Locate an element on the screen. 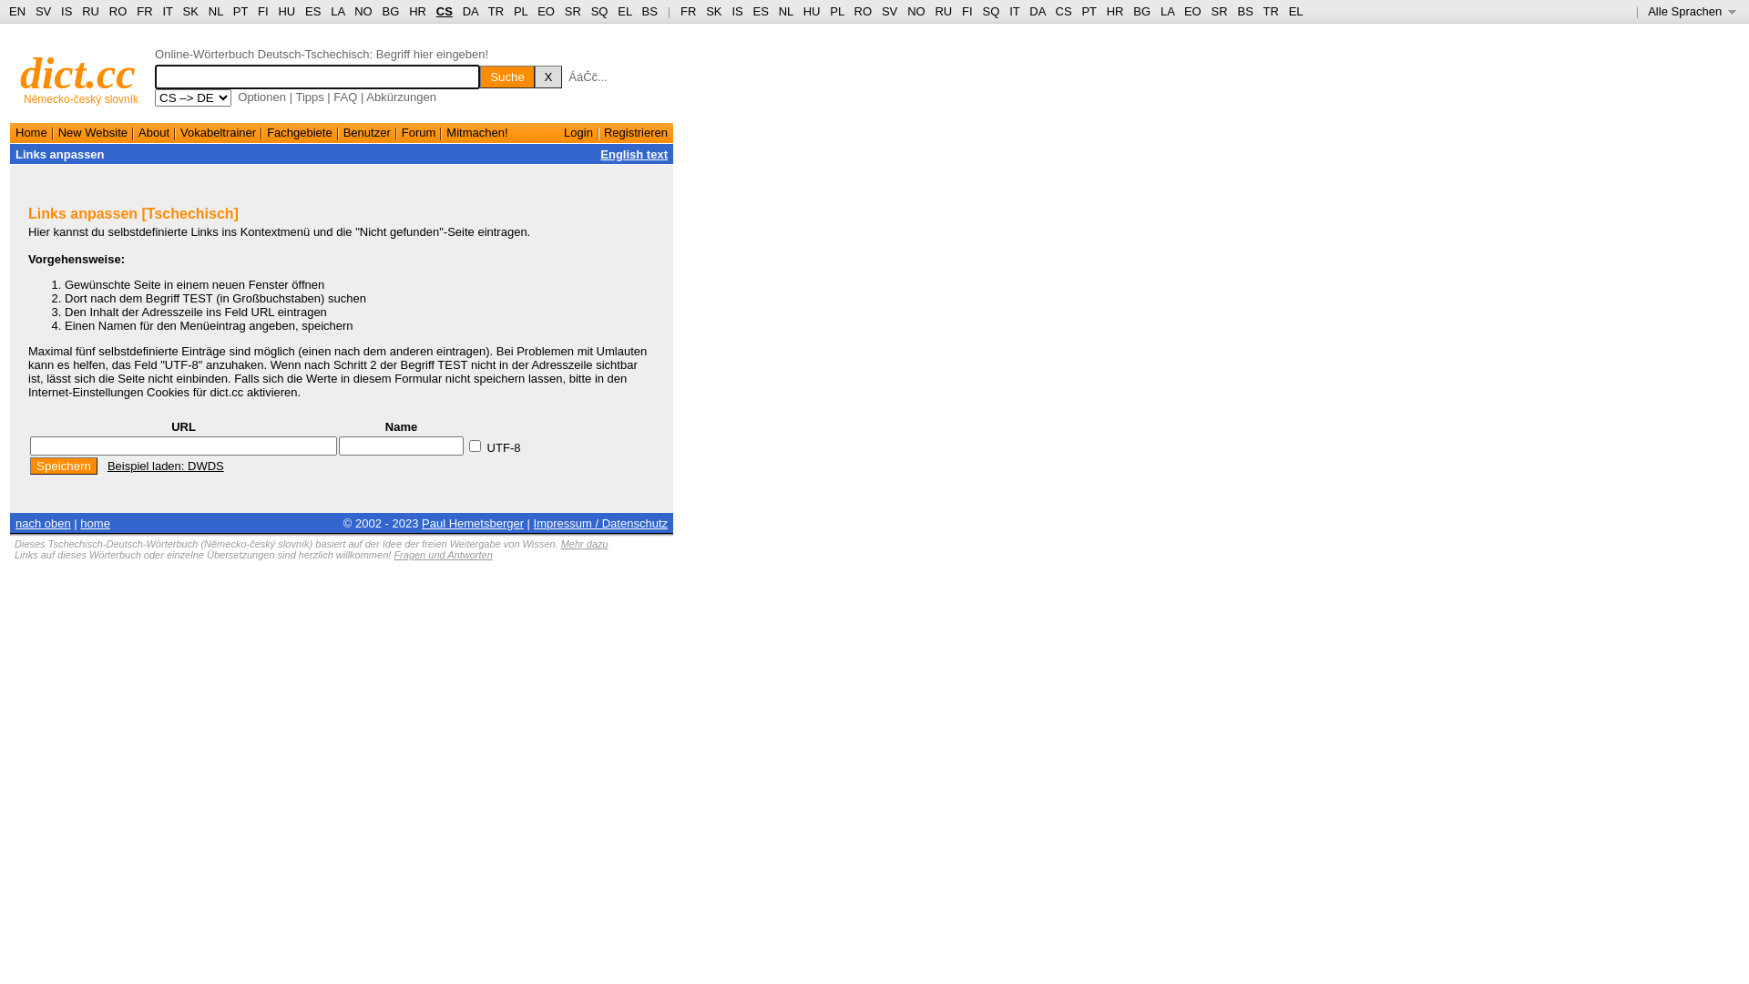 This screenshot has height=984, width=1749. 'English text' is located at coordinates (634, 153).